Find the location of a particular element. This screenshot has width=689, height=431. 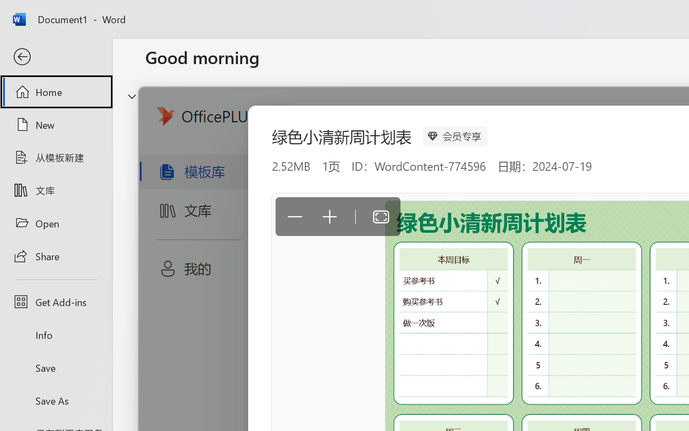

'Info' is located at coordinates (55, 335).